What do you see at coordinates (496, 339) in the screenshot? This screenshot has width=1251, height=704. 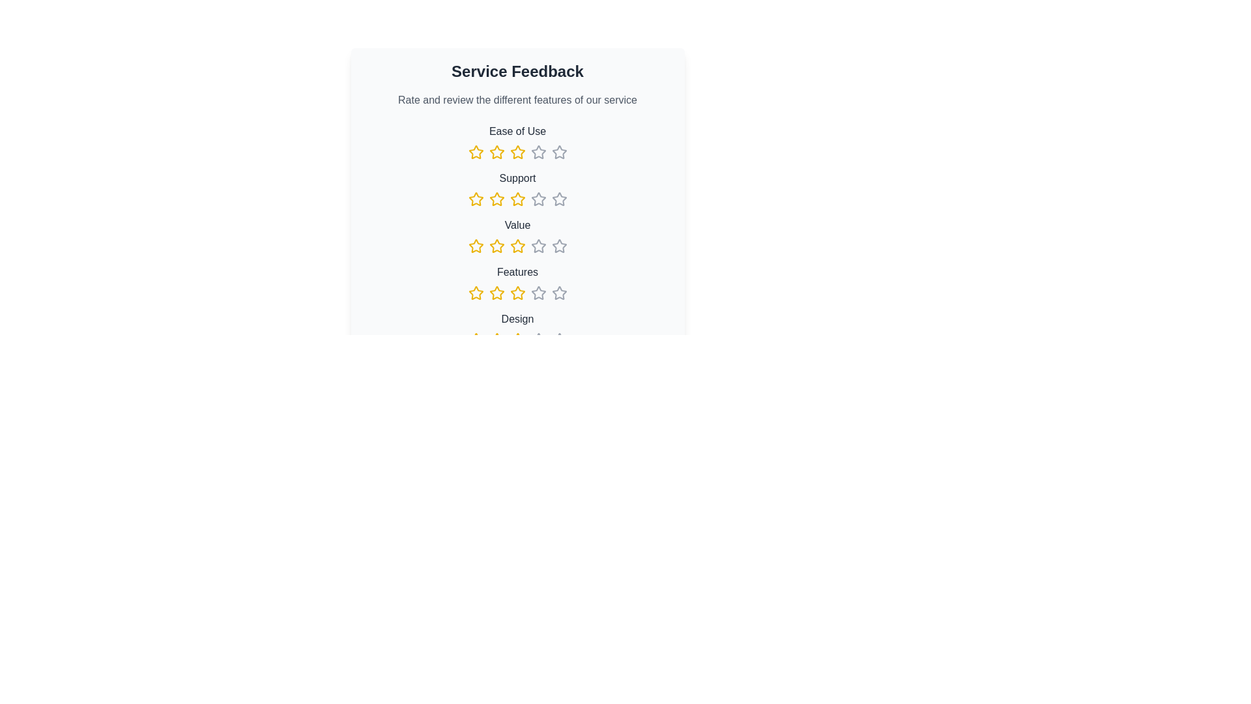 I see `the third star icon in the 'Design' section of the feedback form` at bounding box center [496, 339].